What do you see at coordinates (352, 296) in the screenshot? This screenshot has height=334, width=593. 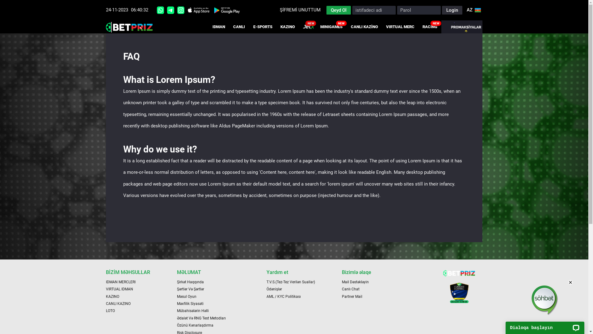 I see `'Partner Mail'` at bounding box center [352, 296].